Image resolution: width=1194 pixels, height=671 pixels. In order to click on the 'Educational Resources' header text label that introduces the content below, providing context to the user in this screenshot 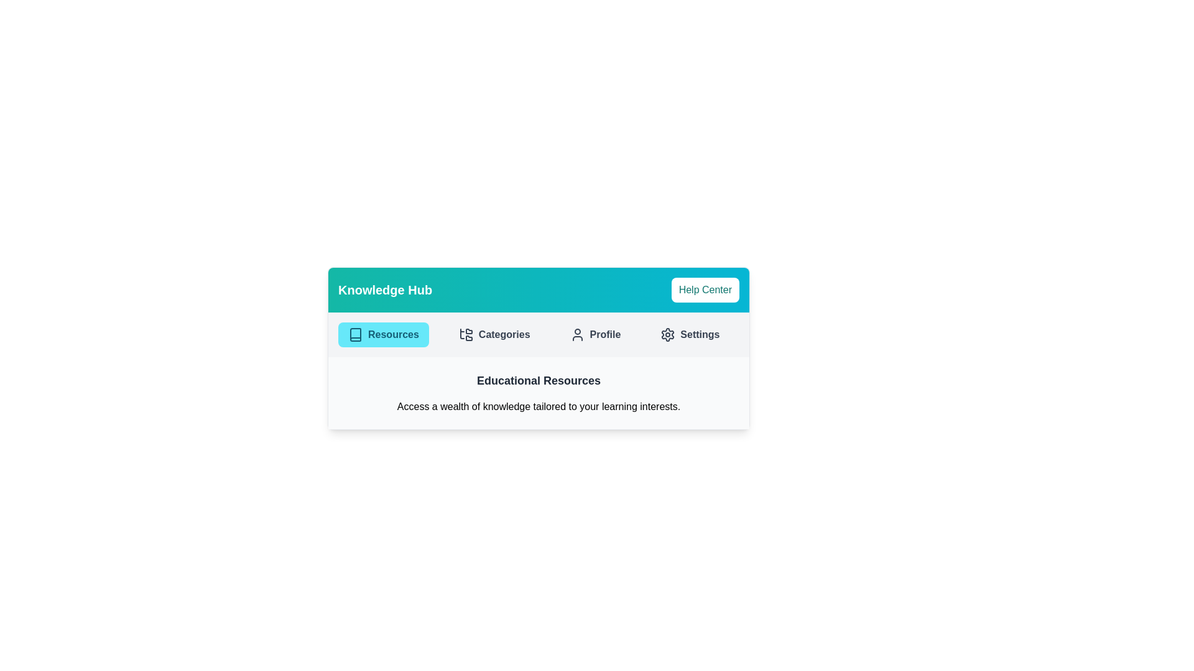, I will do `click(539, 380)`.